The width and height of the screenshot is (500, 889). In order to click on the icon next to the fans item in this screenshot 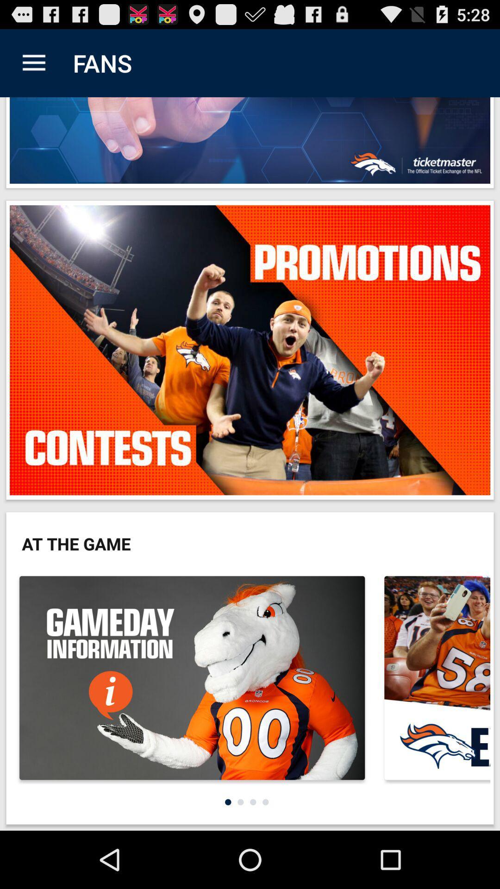, I will do `click(33, 63)`.